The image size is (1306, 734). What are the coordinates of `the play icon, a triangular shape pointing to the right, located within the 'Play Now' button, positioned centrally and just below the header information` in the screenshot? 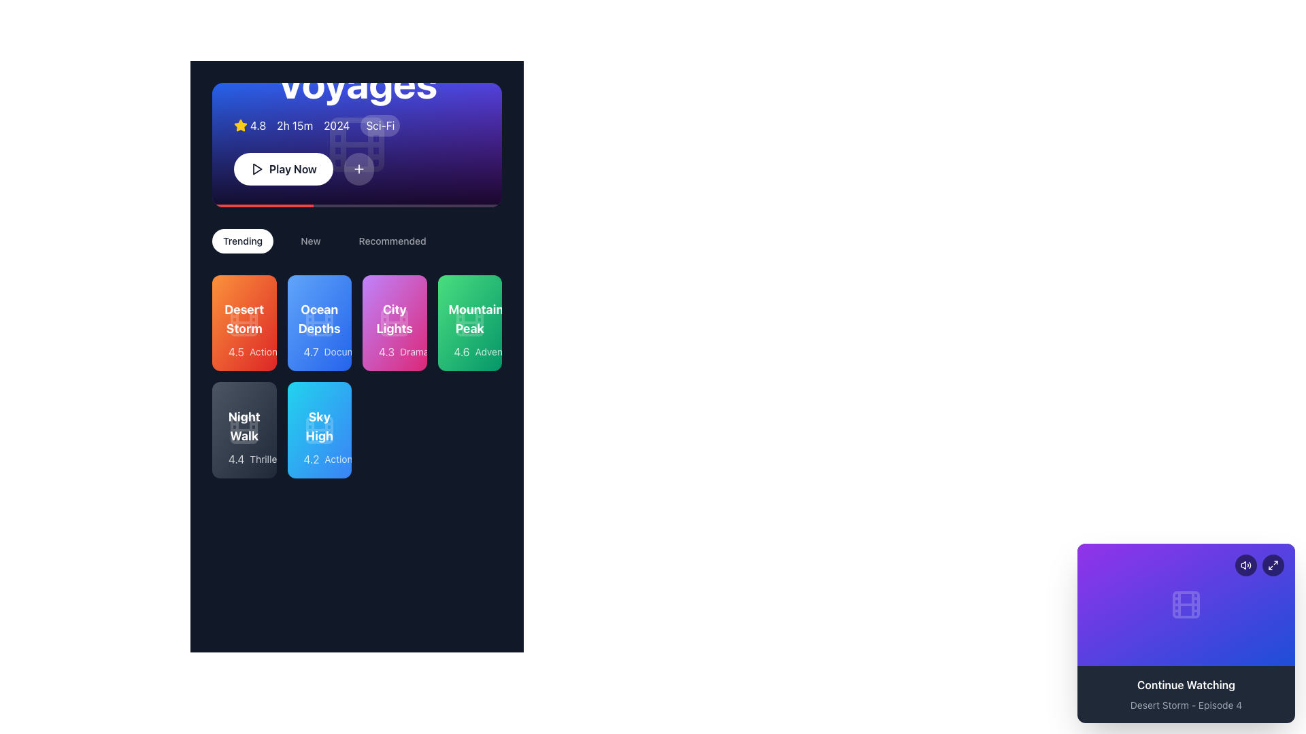 It's located at (257, 167).